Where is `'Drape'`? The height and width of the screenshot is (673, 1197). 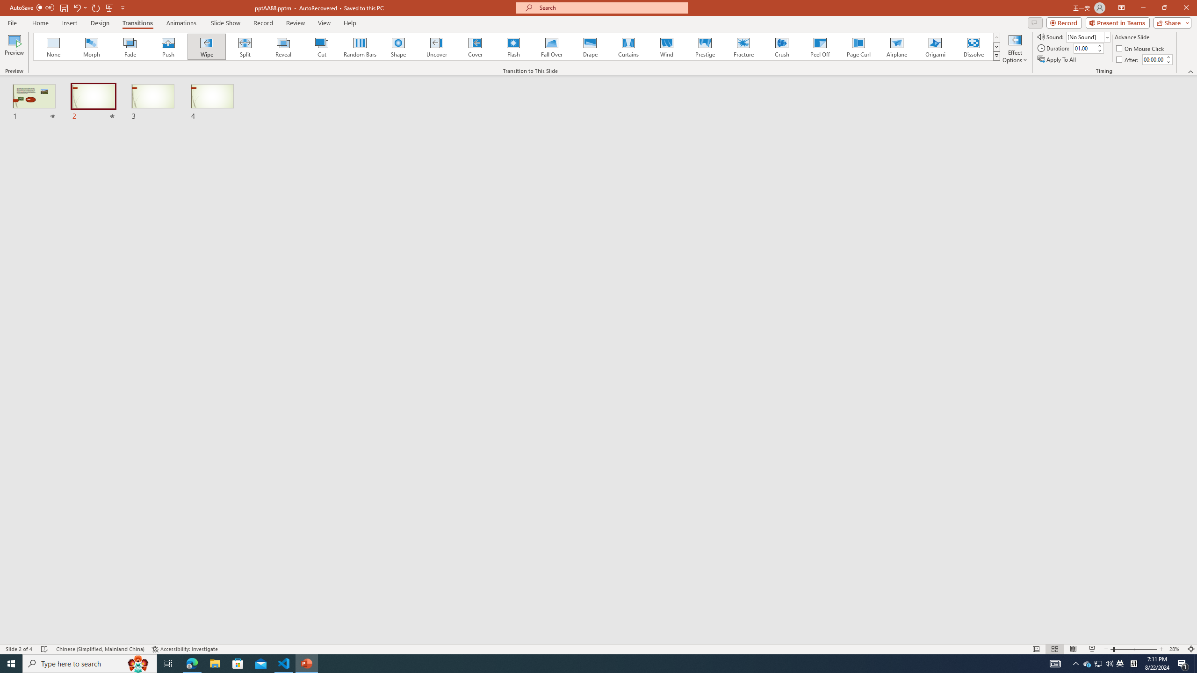
'Drape' is located at coordinates (590, 46).